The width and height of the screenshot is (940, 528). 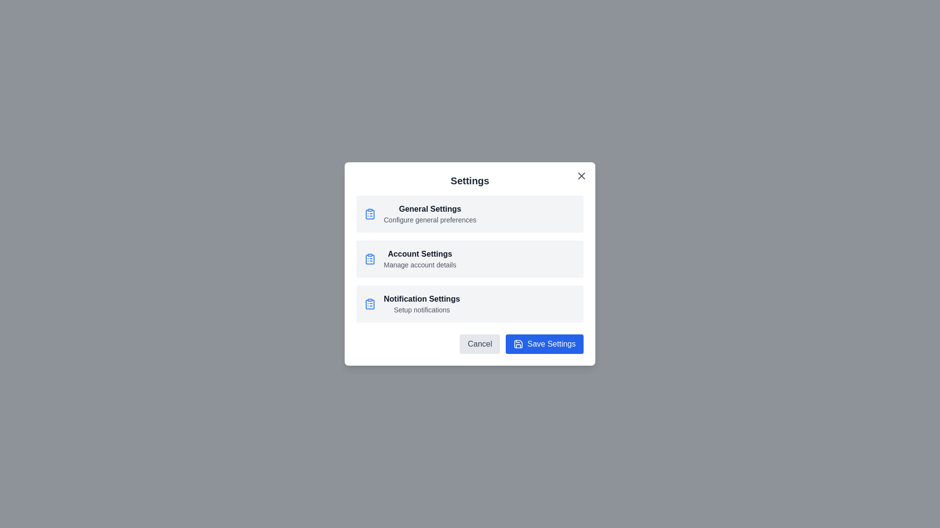 What do you see at coordinates (422, 299) in the screenshot?
I see `the 'Notification Settings' title text label, which is positioned between 'Account Settings' and the descriptive text 'Setup notifications' in the settings modal` at bounding box center [422, 299].